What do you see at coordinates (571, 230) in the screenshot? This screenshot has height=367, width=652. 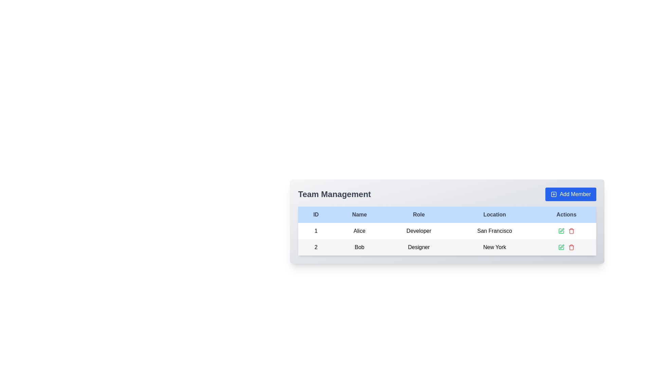 I see `the delete action button for the user 'Alice' in the 'Team Management' table` at bounding box center [571, 230].